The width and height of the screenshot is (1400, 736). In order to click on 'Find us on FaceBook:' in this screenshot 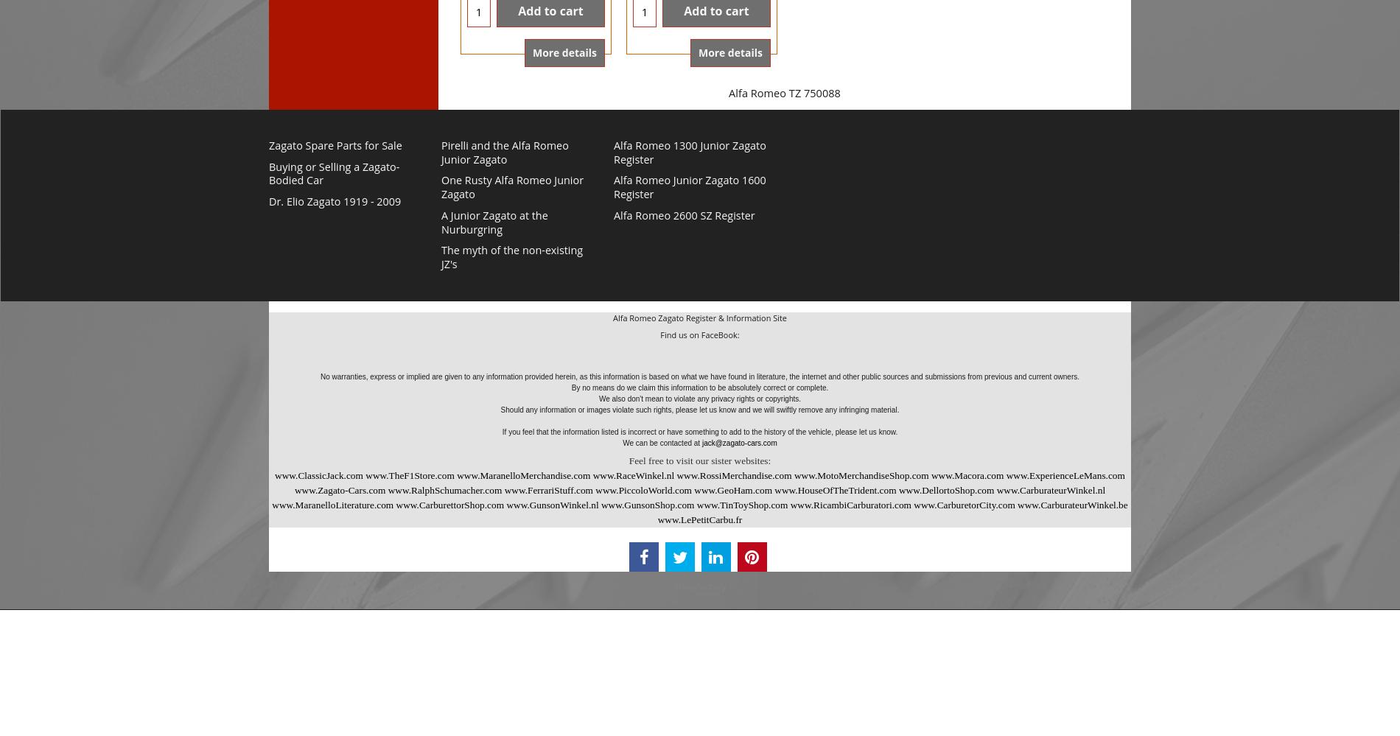, I will do `click(699, 334)`.